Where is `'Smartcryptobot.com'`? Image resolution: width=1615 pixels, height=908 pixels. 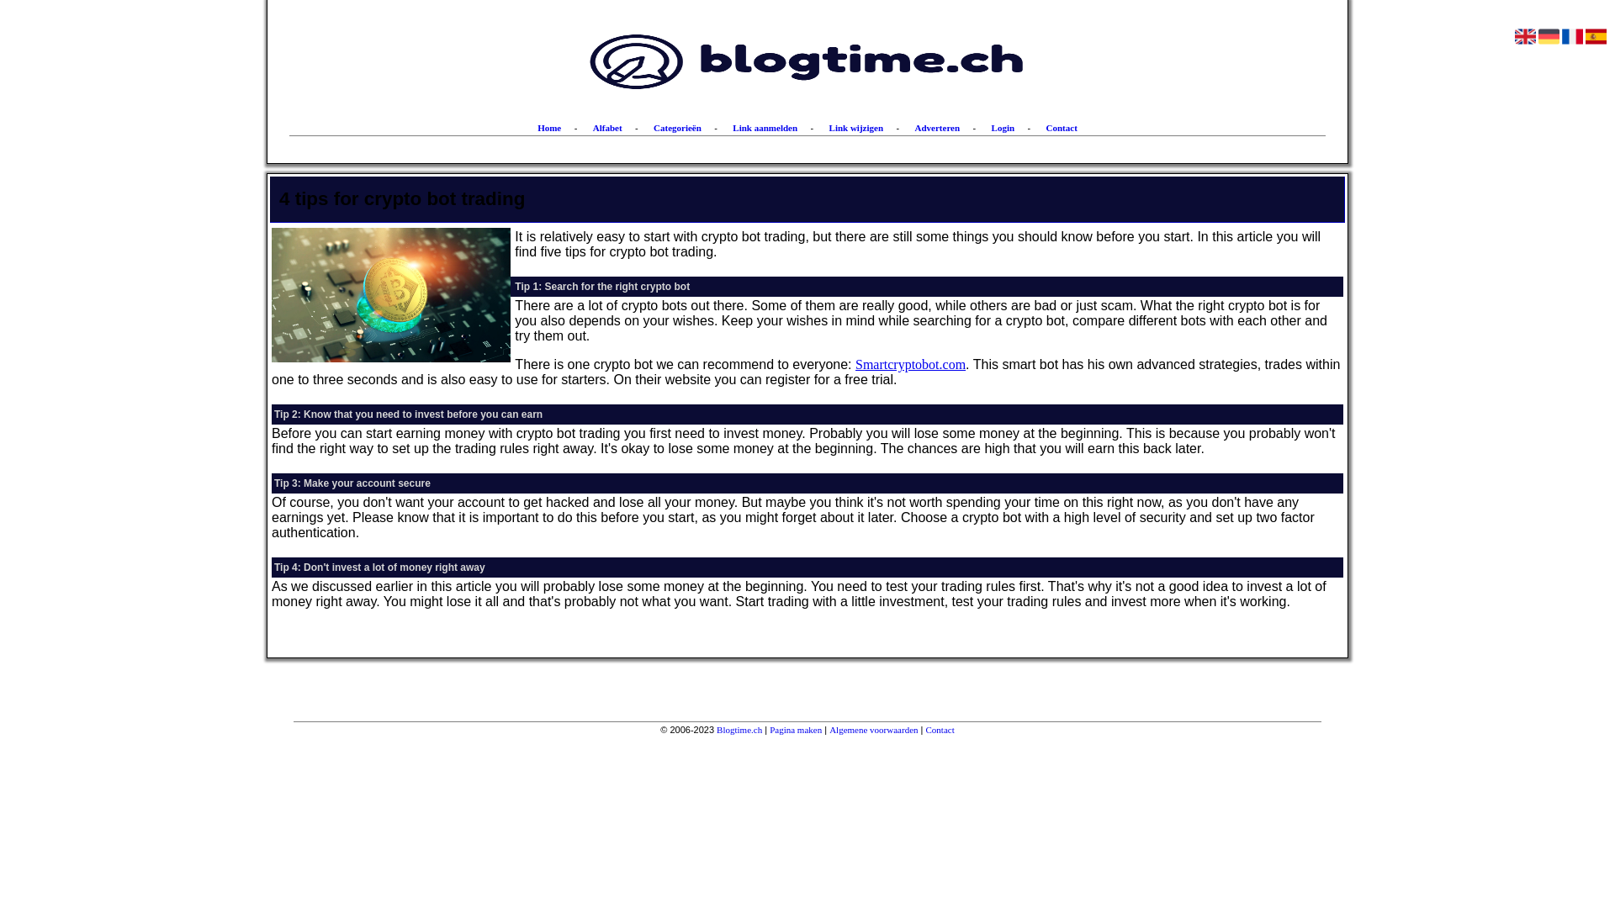 'Smartcryptobot.com' is located at coordinates (909, 363).